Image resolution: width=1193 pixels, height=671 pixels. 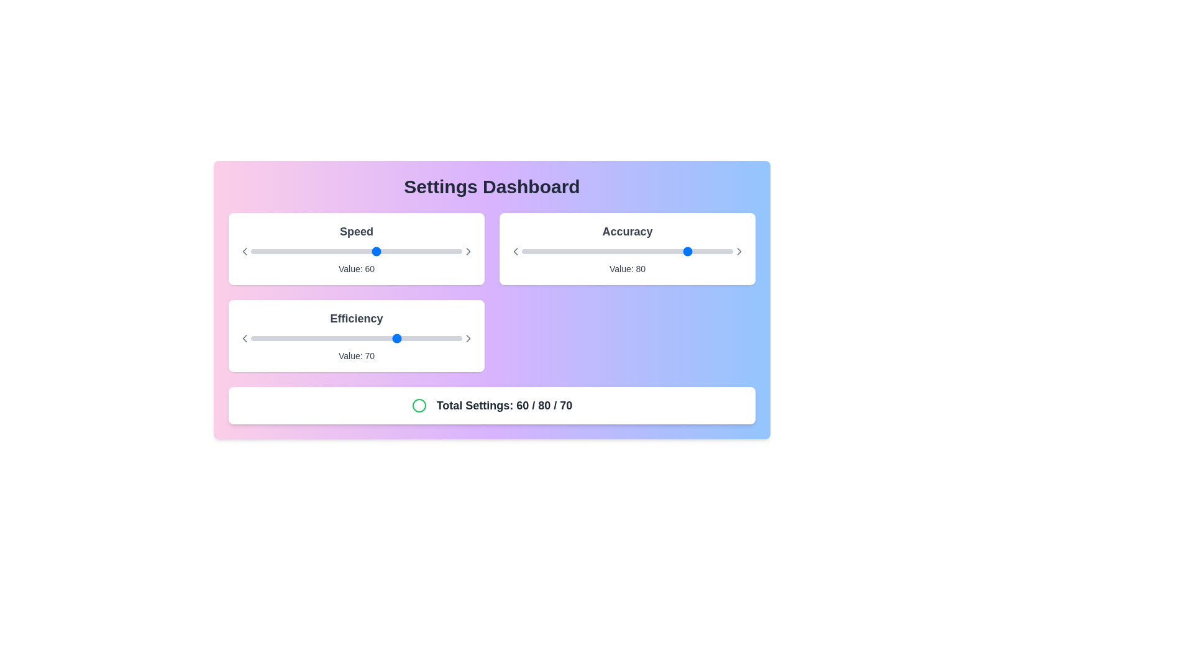 I want to click on the accuracy slider, so click(x=697, y=252).